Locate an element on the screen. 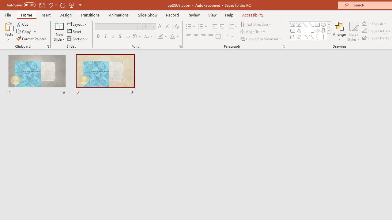 The width and height of the screenshot is (392, 220). 'Shapes' is located at coordinates (329, 37).